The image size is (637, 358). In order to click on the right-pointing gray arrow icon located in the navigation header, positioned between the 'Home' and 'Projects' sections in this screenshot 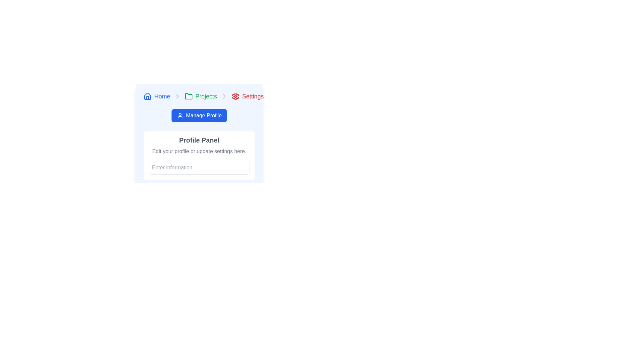, I will do `click(177, 96)`.